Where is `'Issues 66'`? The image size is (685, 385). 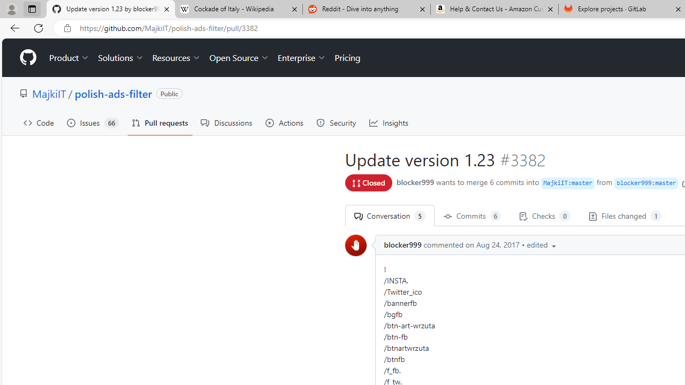
'Issues 66' is located at coordinates (93, 122).